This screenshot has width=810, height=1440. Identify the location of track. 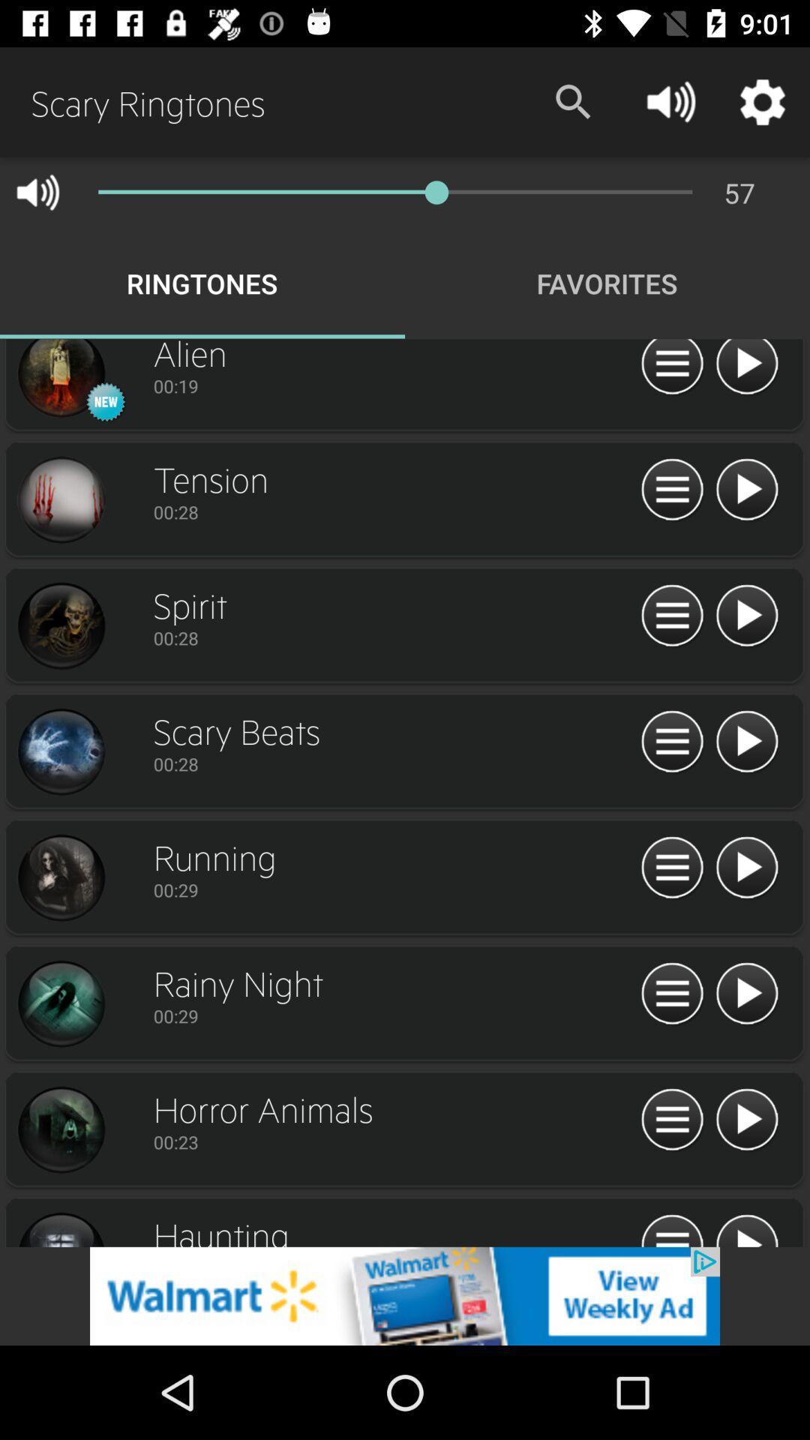
(60, 500).